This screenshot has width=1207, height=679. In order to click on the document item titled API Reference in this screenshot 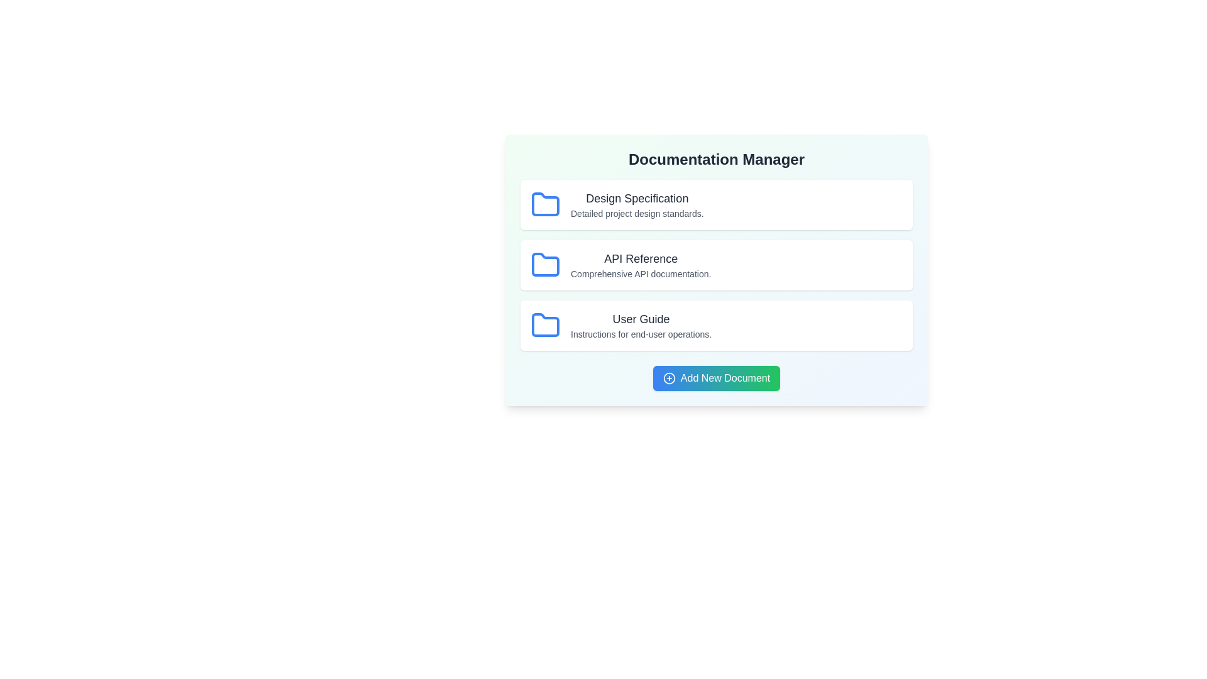, I will do `click(717, 264)`.